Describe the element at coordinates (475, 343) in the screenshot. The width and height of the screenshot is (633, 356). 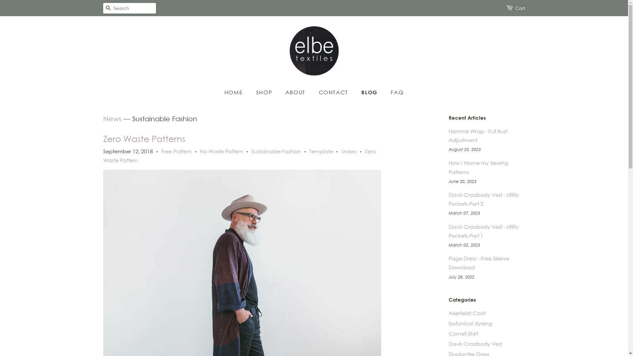
I see `'Davis Crossbody Vest'` at that location.